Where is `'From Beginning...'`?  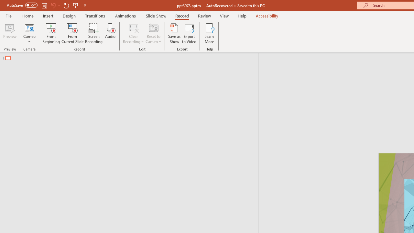
'From Beginning...' is located at coordinates (51, 33).